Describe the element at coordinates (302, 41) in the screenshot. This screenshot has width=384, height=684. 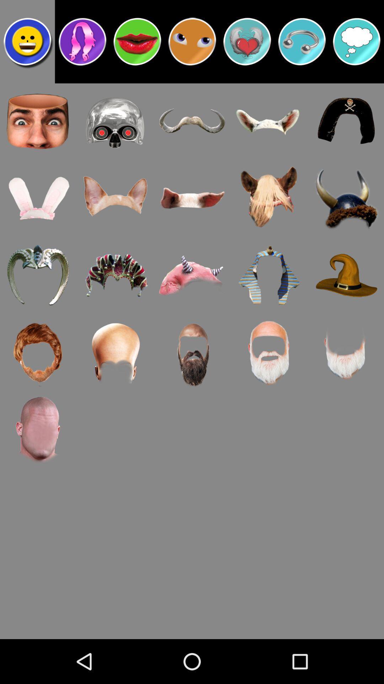
I see `a piercing` at that location.